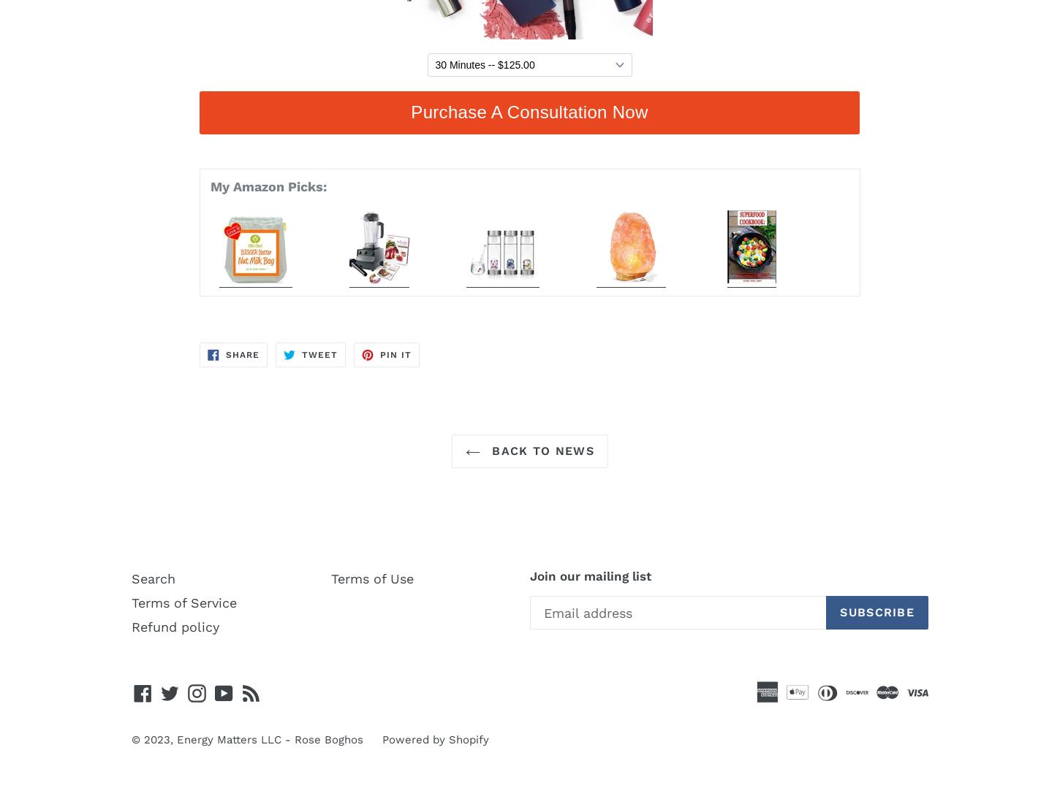 This screenshot has width=1060, height=788. What do you see at coordinates (877, 612) in the screenshot?
I see `'Subscribe'` at bounding box center [877, 612].